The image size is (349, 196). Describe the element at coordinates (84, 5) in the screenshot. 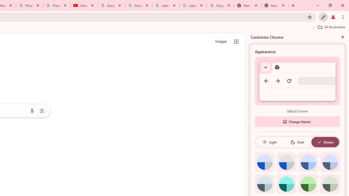

I see `'Introduction | Google Privacy Policy - YouTube'` at that location.